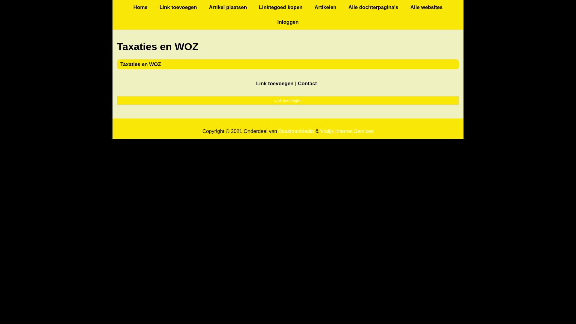  Describe the element at coordinates (140, 7) in the screenshot. I see `'Home'` at that location.